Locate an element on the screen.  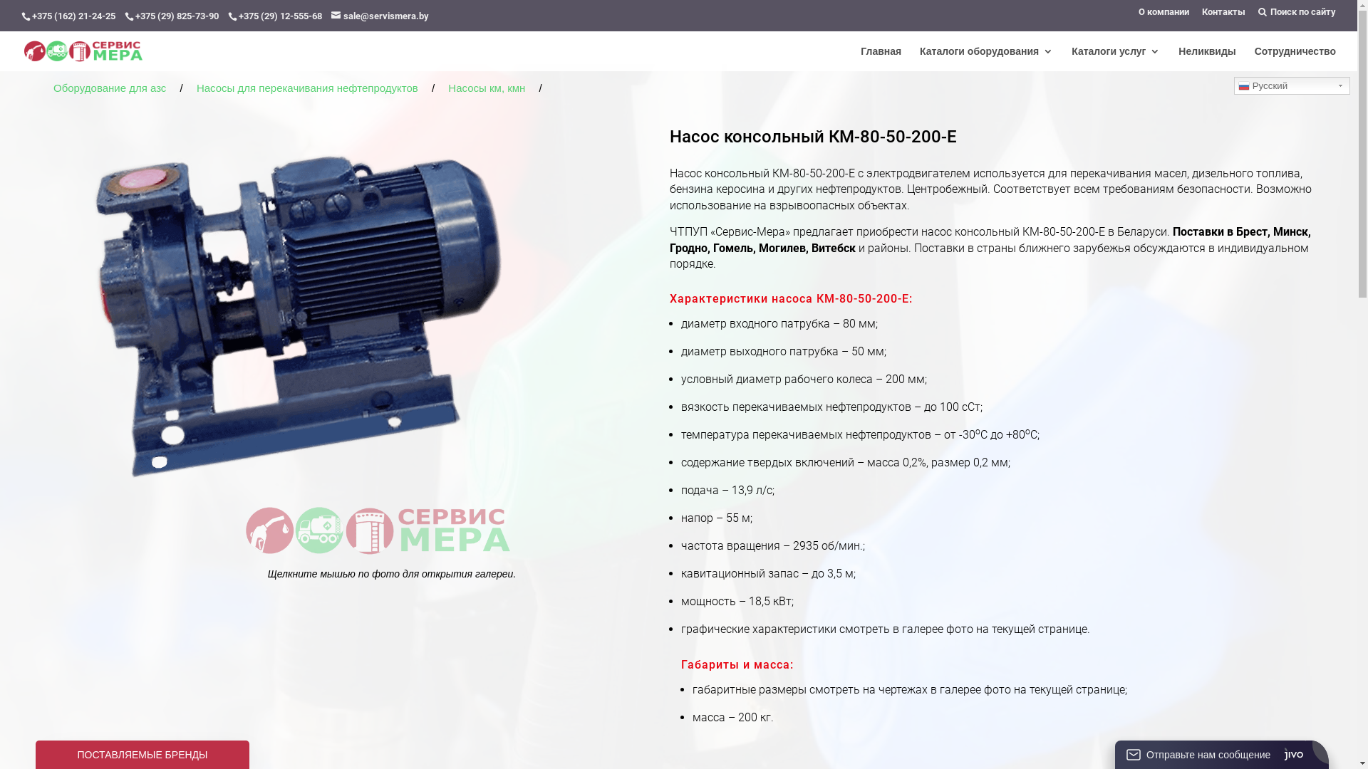
'+375 (29) 12-555-68' is located at coordinates (280, 16).